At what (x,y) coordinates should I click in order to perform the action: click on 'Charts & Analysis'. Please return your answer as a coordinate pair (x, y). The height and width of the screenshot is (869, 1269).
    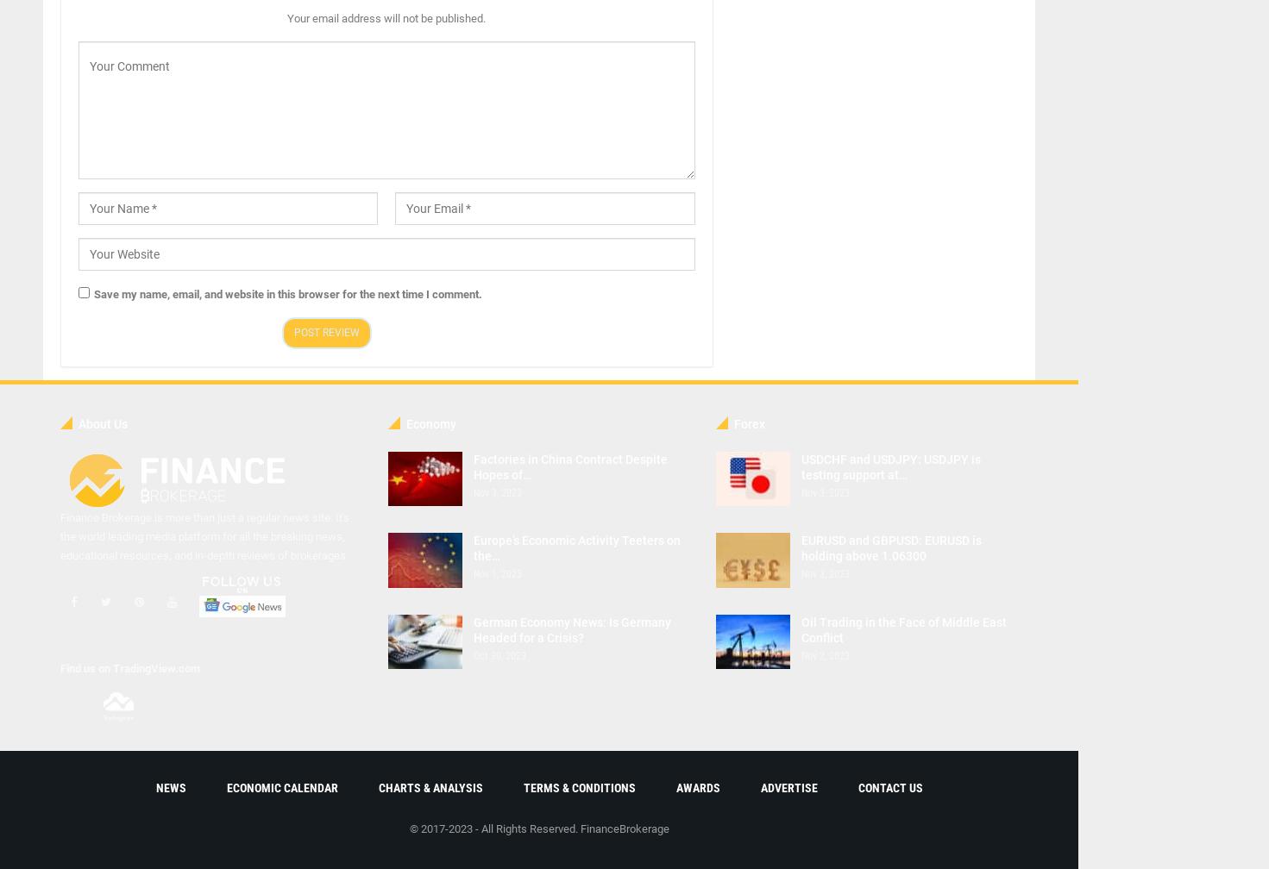
    Looking at the image, I should click on (430, 787).